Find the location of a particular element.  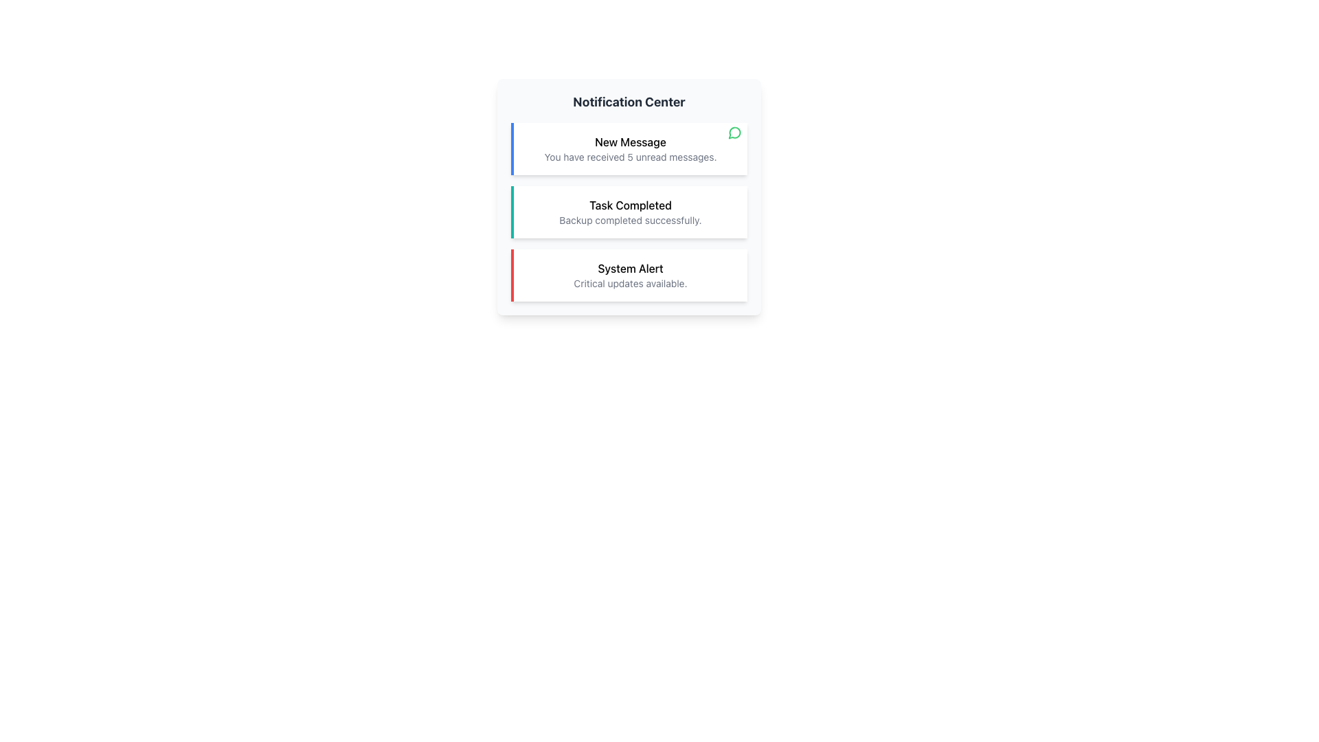

the green animated icon resembling a speech bubble in the Notification Center, located in the top-right corner of the first notification row titled 'New Message.' is located at coordinates (734, 134).